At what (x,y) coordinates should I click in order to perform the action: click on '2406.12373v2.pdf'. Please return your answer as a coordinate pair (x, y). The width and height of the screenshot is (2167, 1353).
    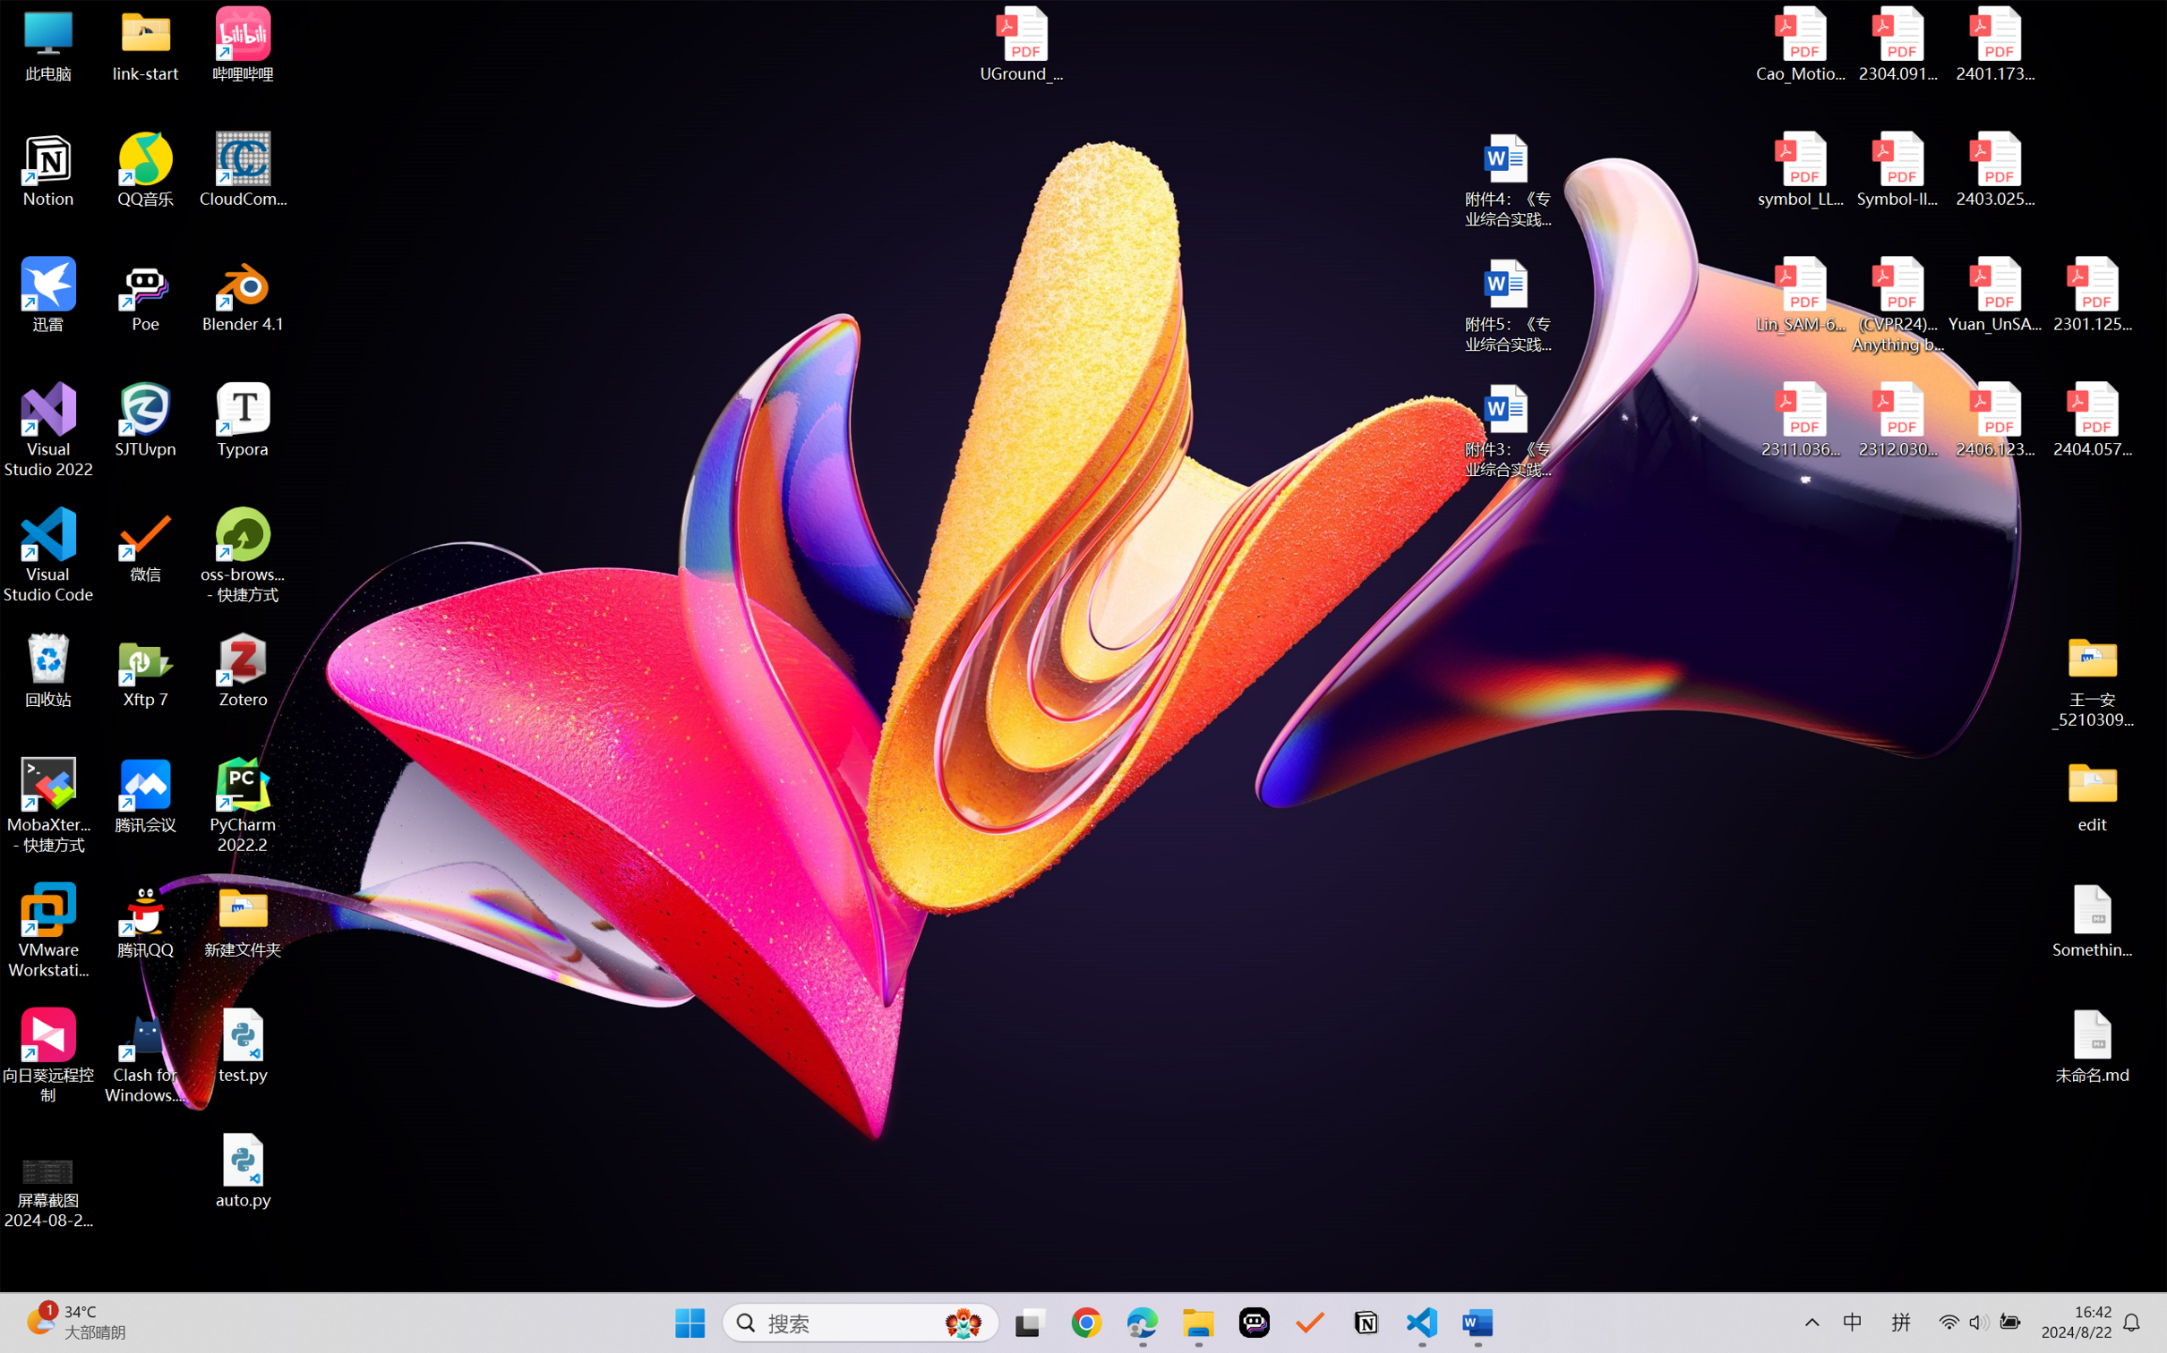
    Looking at the image, I should click on (1993, 420).